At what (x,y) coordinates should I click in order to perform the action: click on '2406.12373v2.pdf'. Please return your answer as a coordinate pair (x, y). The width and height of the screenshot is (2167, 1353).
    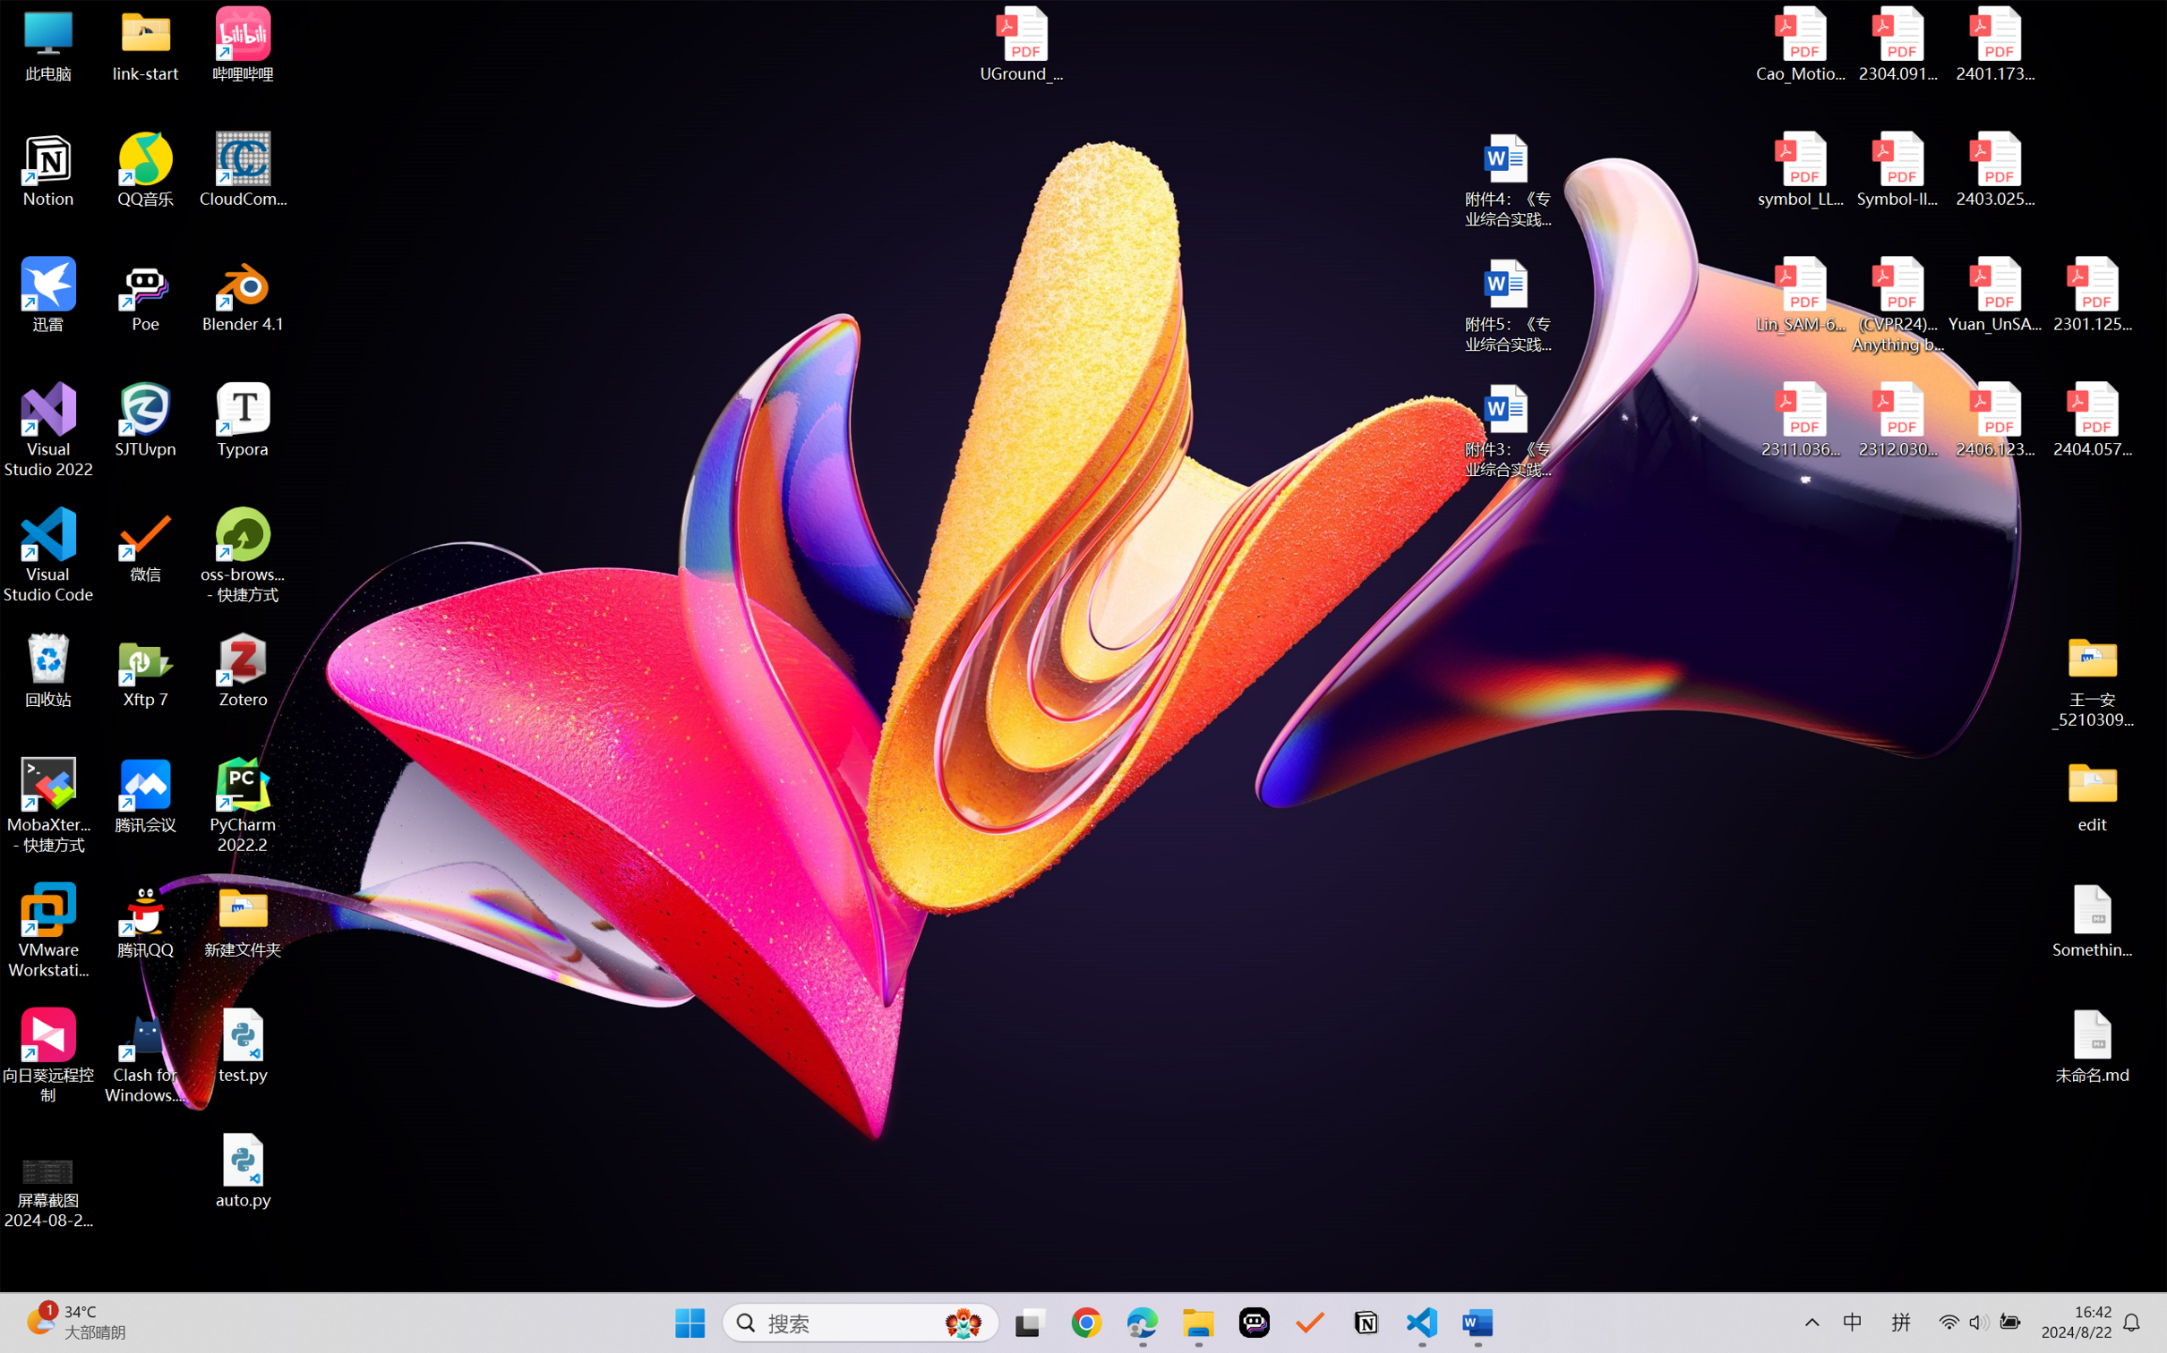
    Looking at the image, I should click on (1993, 420).